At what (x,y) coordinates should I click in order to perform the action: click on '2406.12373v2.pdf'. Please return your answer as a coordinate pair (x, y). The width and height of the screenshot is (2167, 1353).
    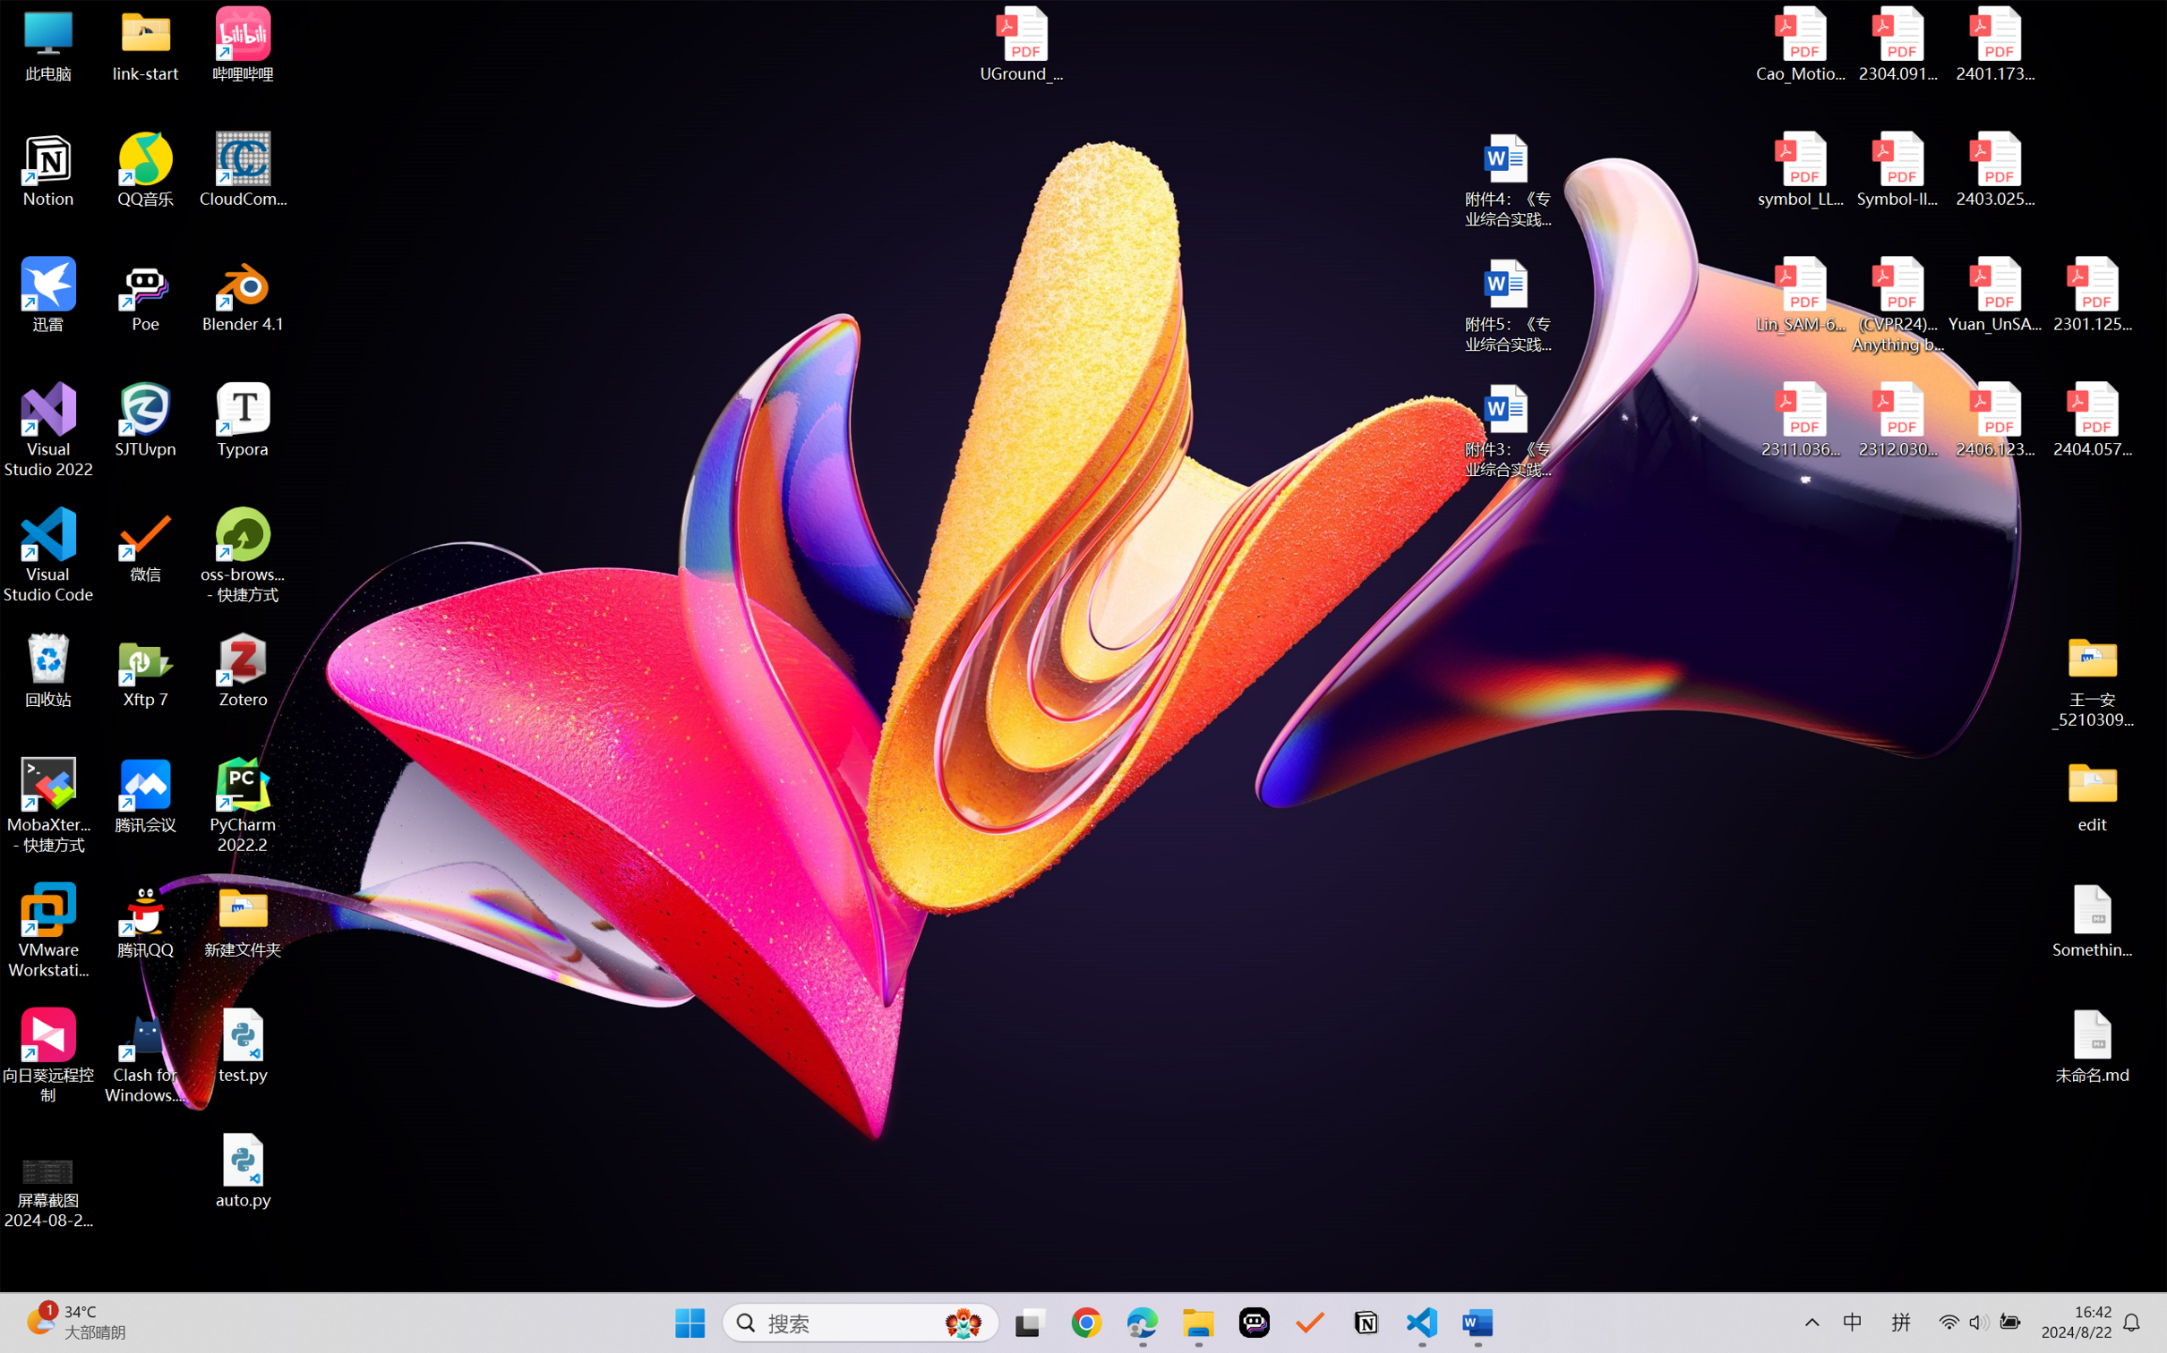
    Looking at the image, I should click on (1993, 420).